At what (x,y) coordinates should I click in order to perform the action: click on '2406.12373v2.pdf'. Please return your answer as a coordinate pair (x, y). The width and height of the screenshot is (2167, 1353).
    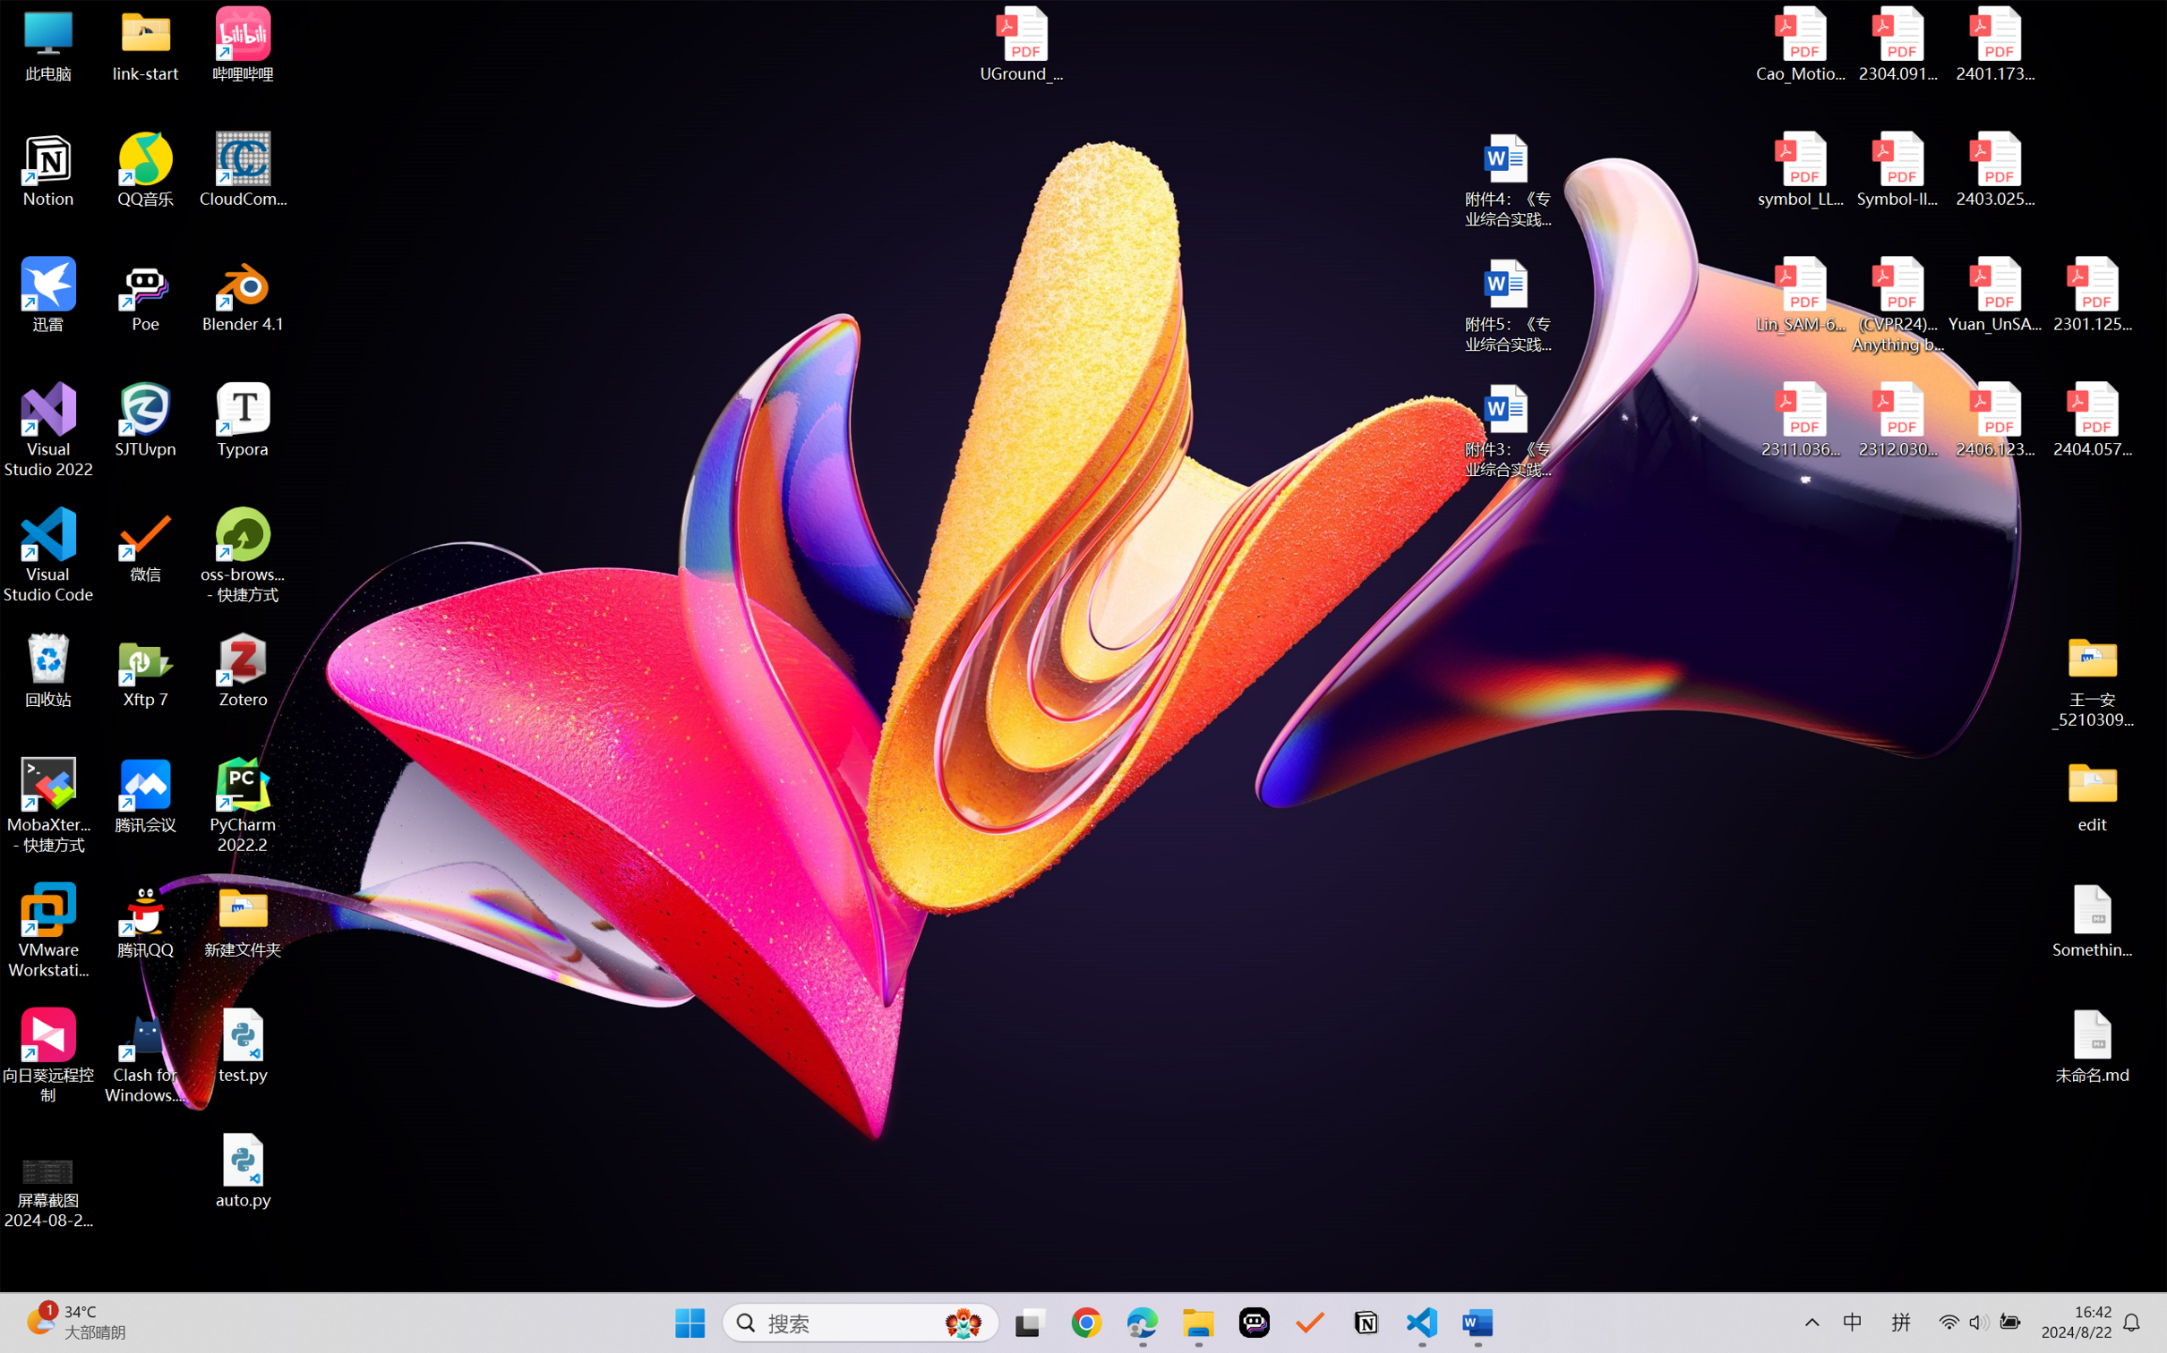
    Looking at the image, I should click on (1993, 420).